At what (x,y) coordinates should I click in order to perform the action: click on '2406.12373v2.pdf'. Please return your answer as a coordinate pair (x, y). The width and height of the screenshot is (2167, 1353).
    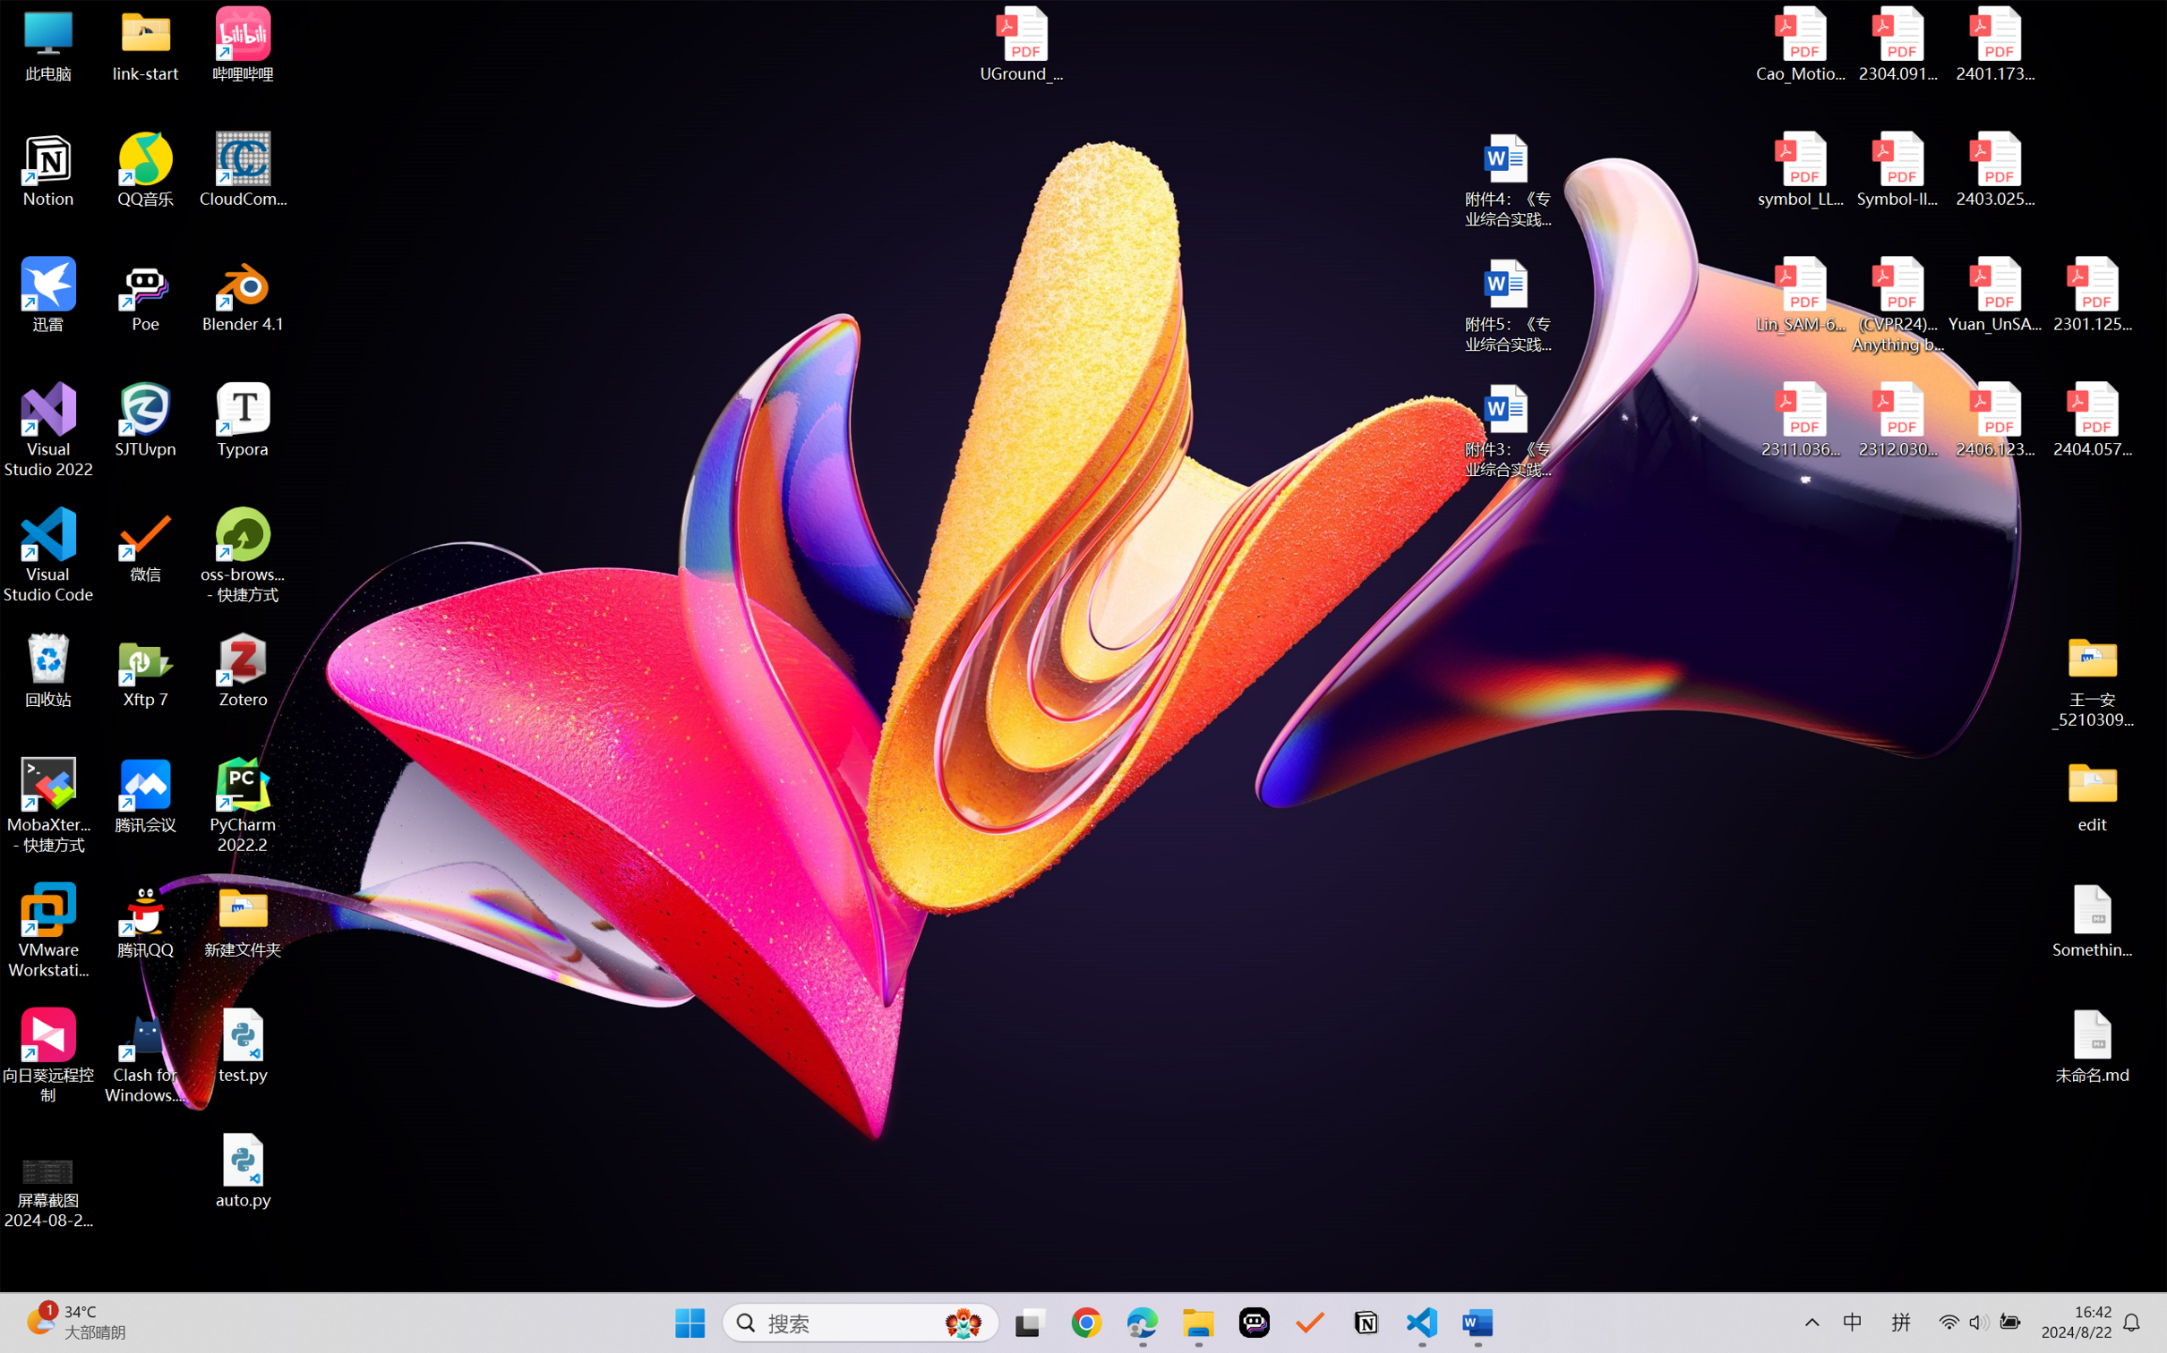
    Looking at the image, I should click on (1993, 420).